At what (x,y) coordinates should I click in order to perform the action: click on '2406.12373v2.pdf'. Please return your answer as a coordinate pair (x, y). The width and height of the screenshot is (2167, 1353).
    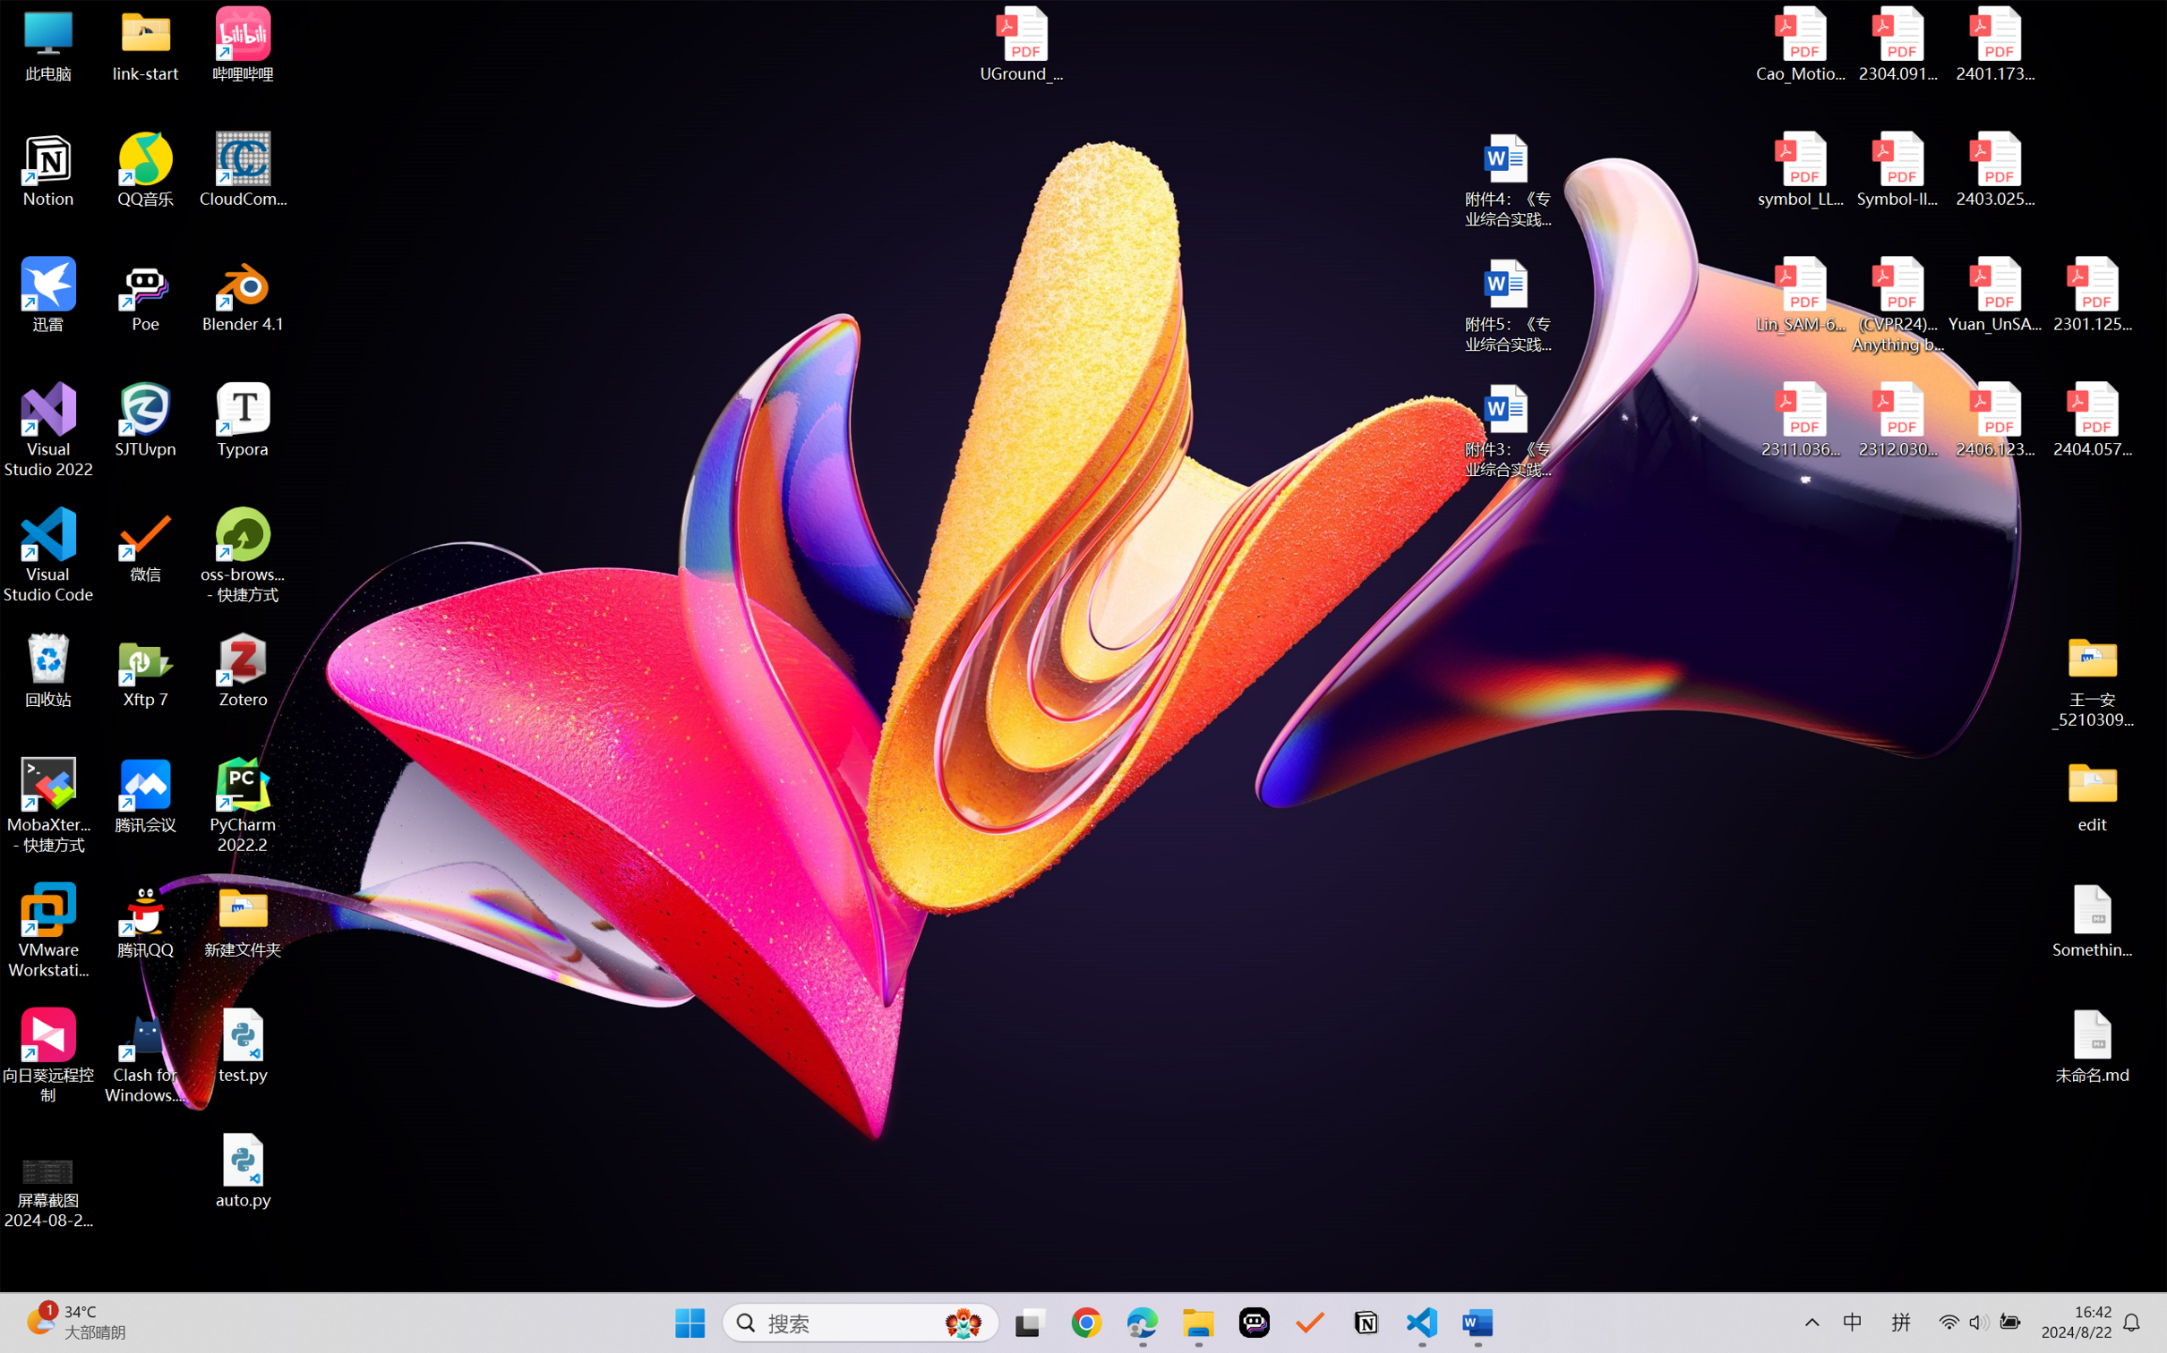
    Looking at the image, I should click on (1993, 420).